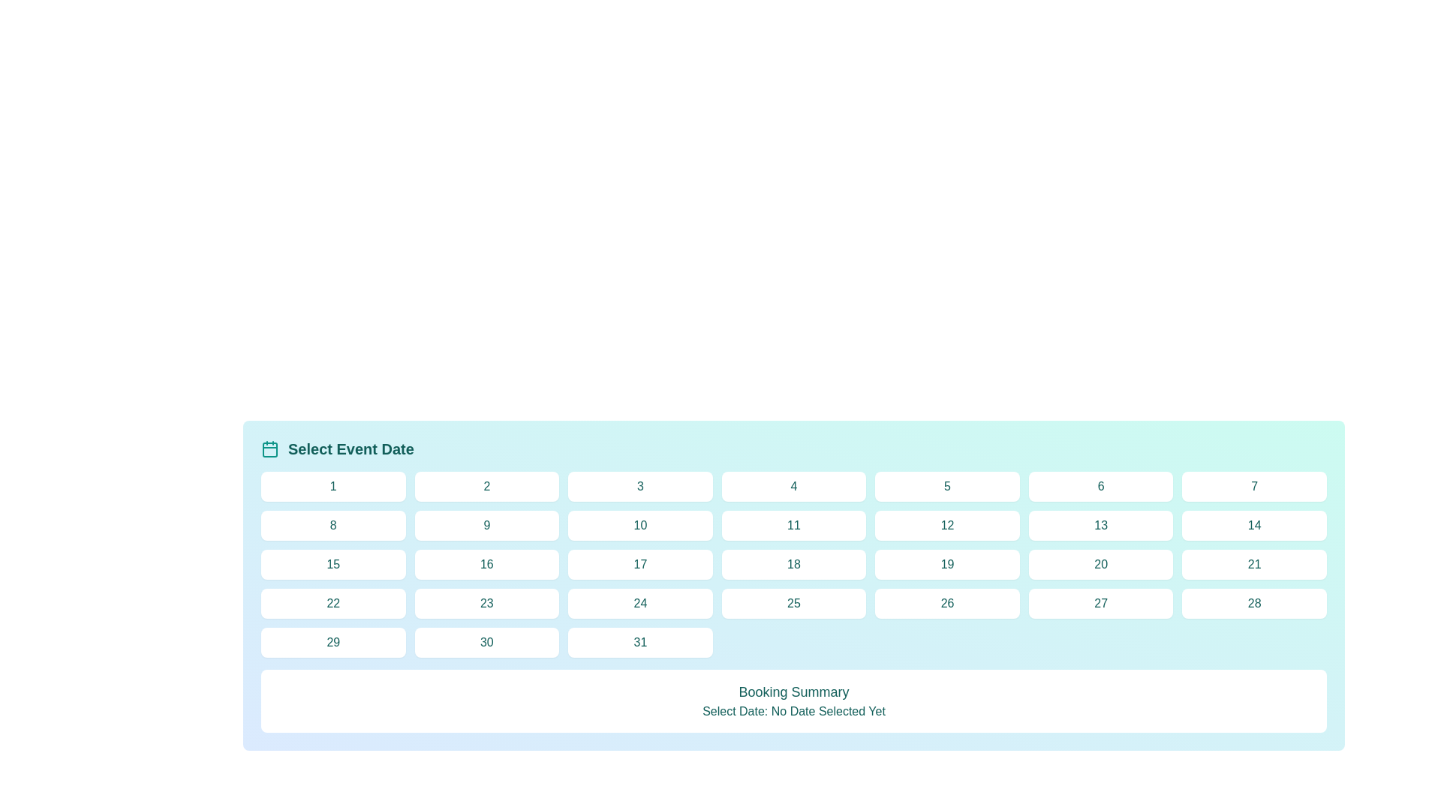 The image size is (1441, 810). What do you see at coordinates (486, 603) in the screenshot?
I see `the button labeled '23' with a white background and teal text` at bounding box center [486, 603].